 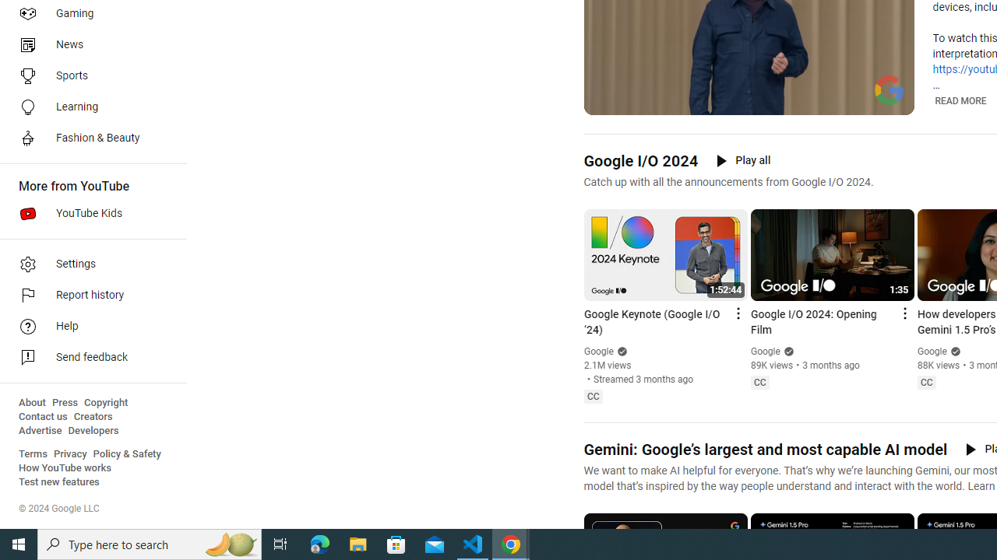 I want to click on 'Full screen (f)', so click(x=890, y=101).